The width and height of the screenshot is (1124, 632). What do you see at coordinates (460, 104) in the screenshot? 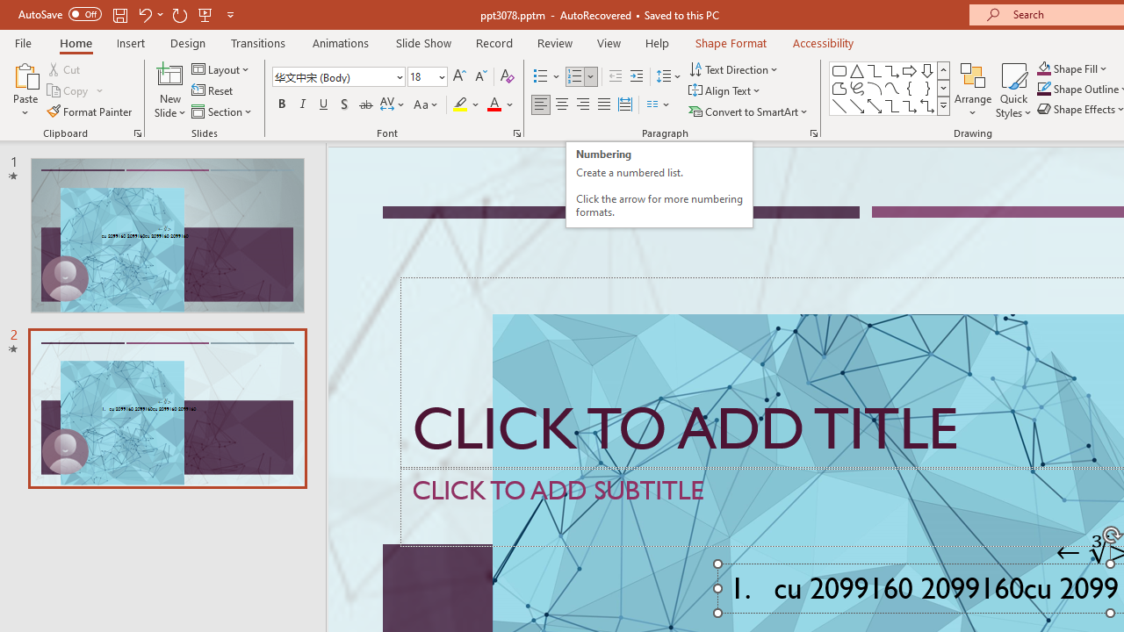
I see `'Text Highlight Color Yellow'` at bounding box center [460, 104].